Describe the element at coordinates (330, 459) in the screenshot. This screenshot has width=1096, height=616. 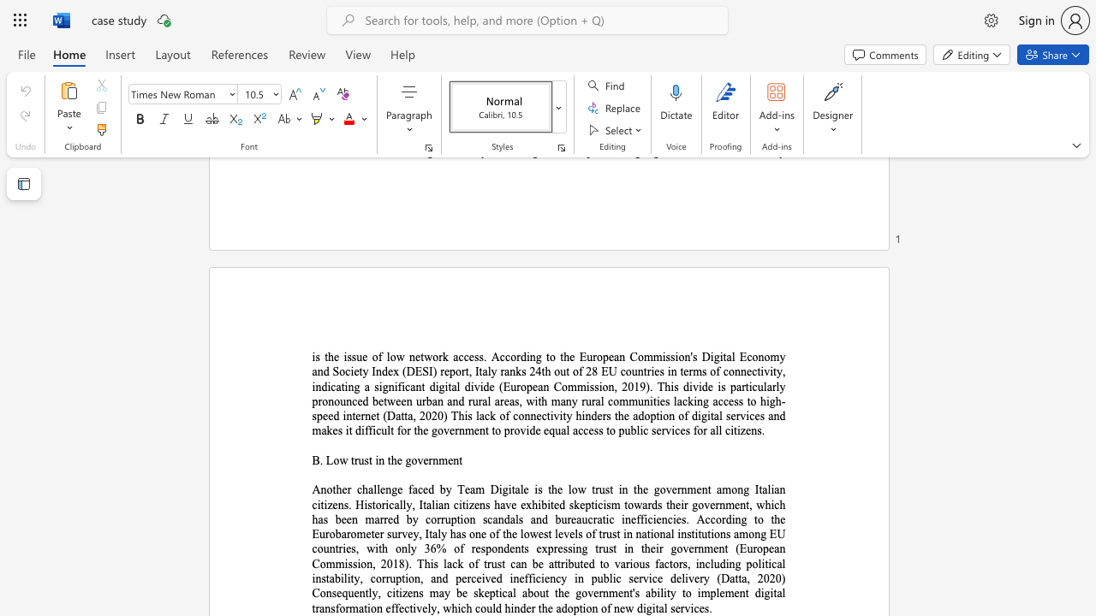
I see `the 1th character "L" in the text` at that location.